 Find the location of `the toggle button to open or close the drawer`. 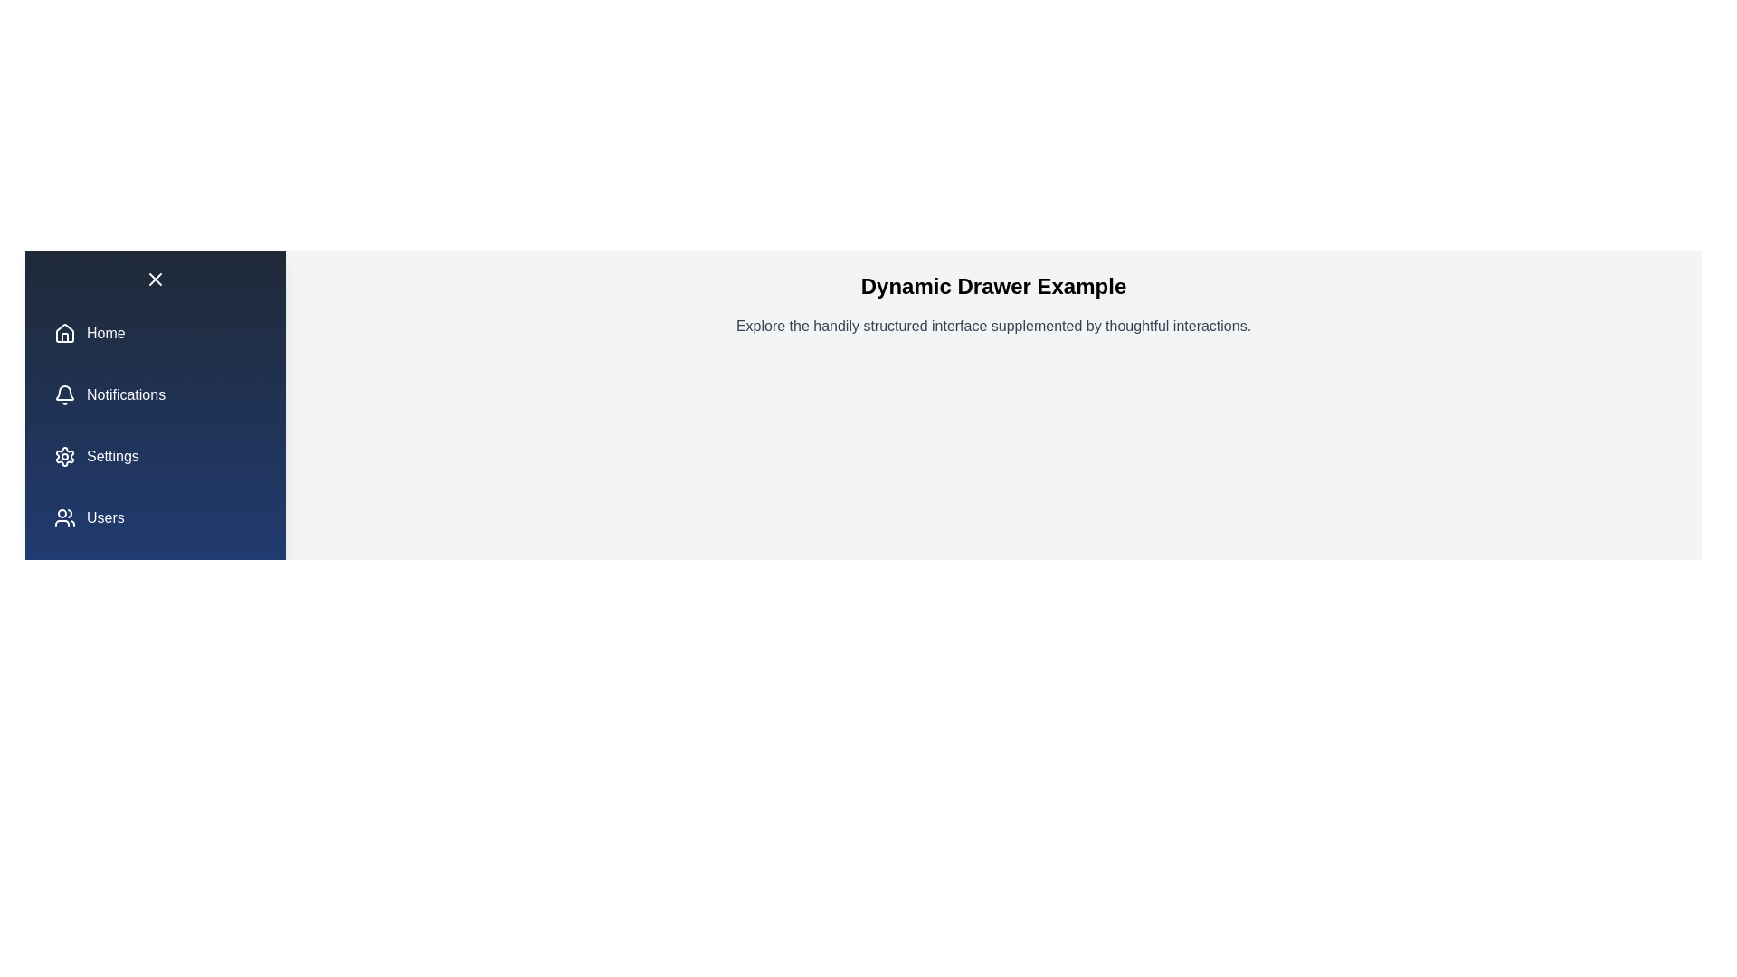

the toggle button to open or close the drawer is located at coordinates (156, 279).